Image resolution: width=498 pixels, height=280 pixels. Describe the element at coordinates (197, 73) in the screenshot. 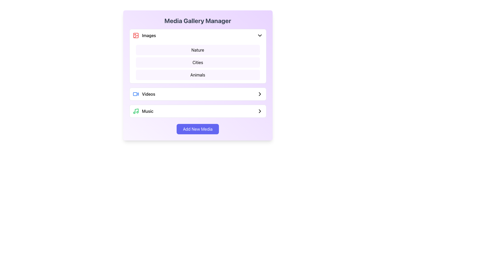

I see `the third option labeled 'Animals' in the 'Images' dropdown menu within the 'Media Gallery Manager' section` at that location.